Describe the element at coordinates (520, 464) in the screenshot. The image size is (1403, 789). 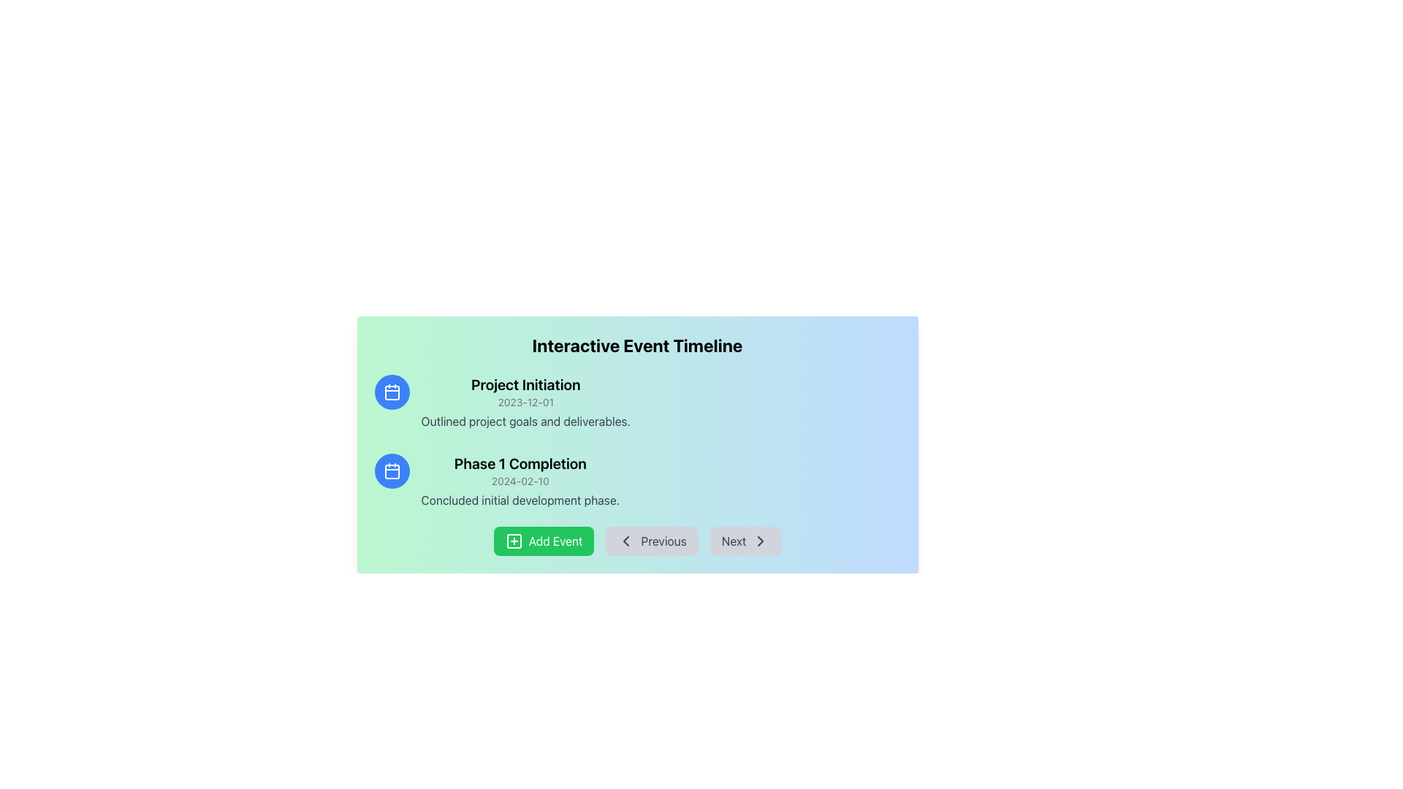
I see `the text label 'Phase 1 Completion' which is prominently styled and positioned above the date '2024-02-10' in the timeline interface` at that location.